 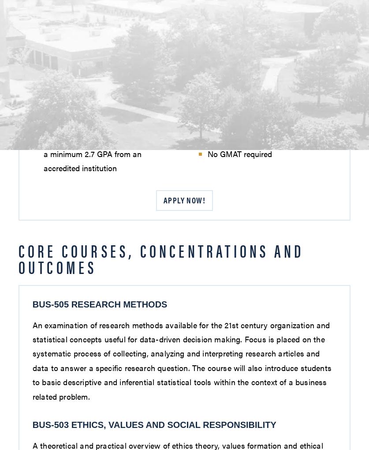 I want to click on 'Apply Now!', so click(x=184, y=199).